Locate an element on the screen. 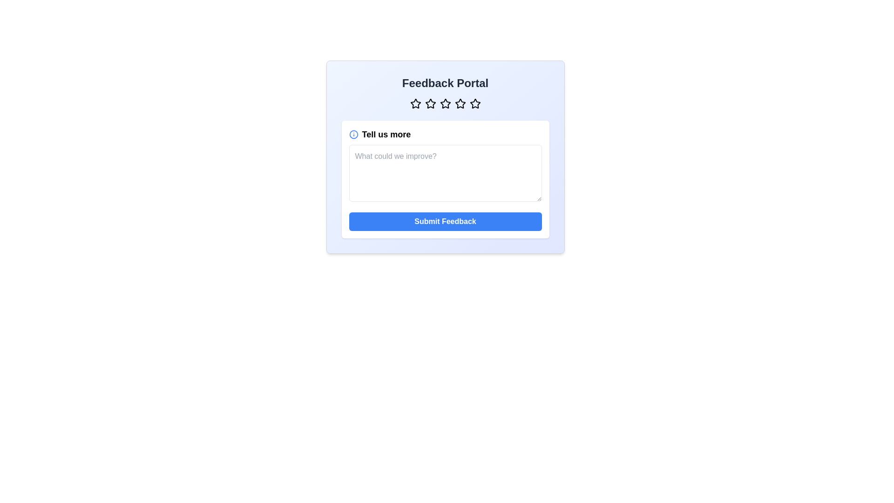 The width and height of the screenshot is (894, 503). the circular shape within the blue and white information icon, which is located at the top-left corner of the feedback input area under the 'Tell us more' label is located at coordinates (353, 135).